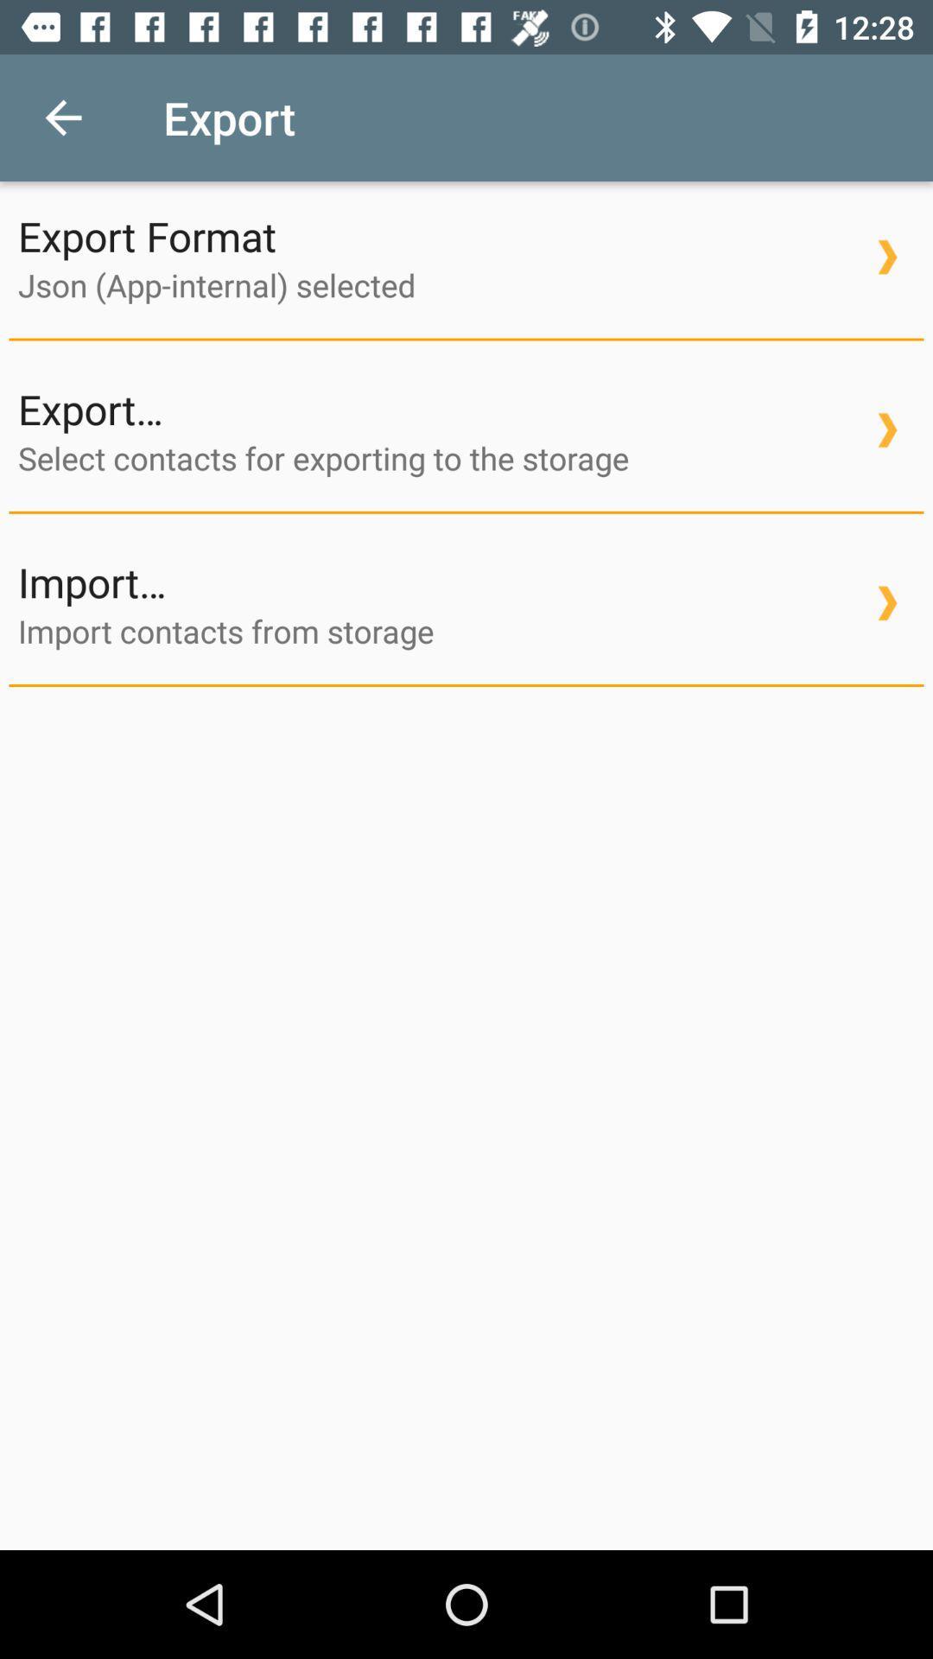 The width and height of the screenshot is (933, 1659). What do you see at coordinates (62, 117) in the screenshot?
I see `icon next to export item` at bounding box center [62, 117].